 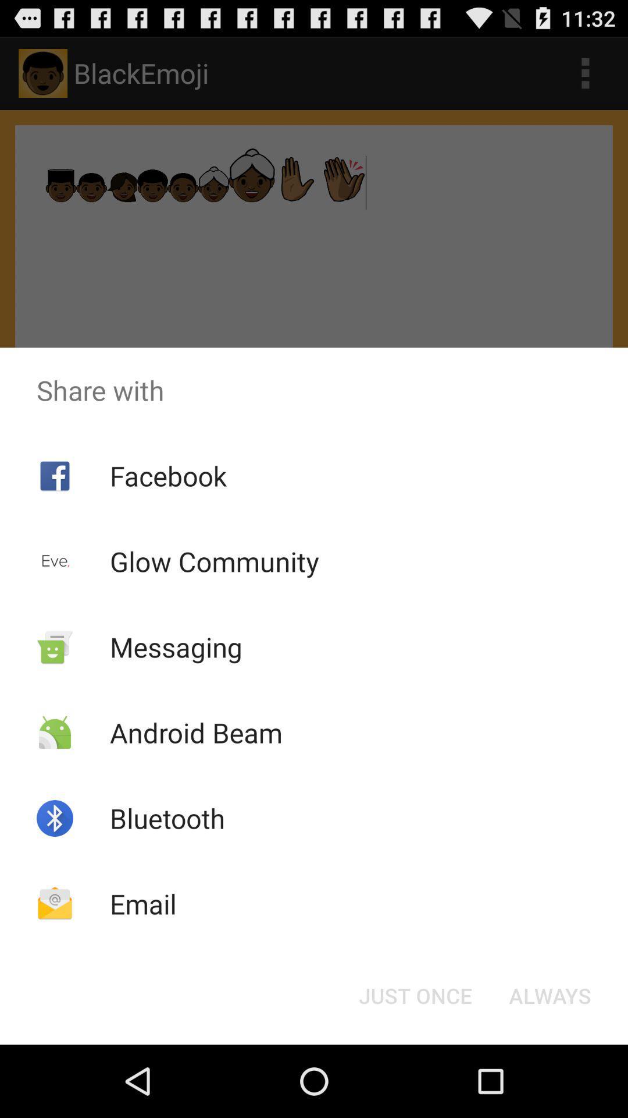 I want to click on the facebook icon, so click(x=168, y=476).